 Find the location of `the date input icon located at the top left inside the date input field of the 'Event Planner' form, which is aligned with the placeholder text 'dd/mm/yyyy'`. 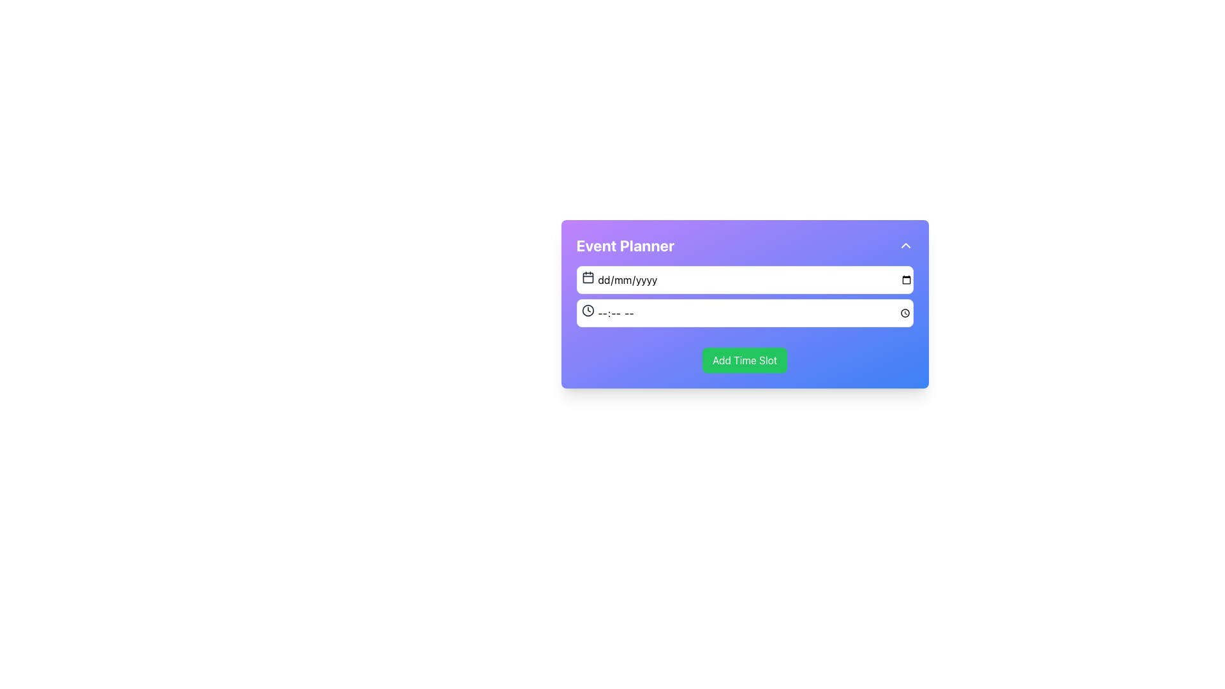

the date input icon located at the top left inside the date input field of the 'Event Planner' form, which is aligned with the placeholder text 'dd/mm/yyyy' is located at coordinates (587, 277).